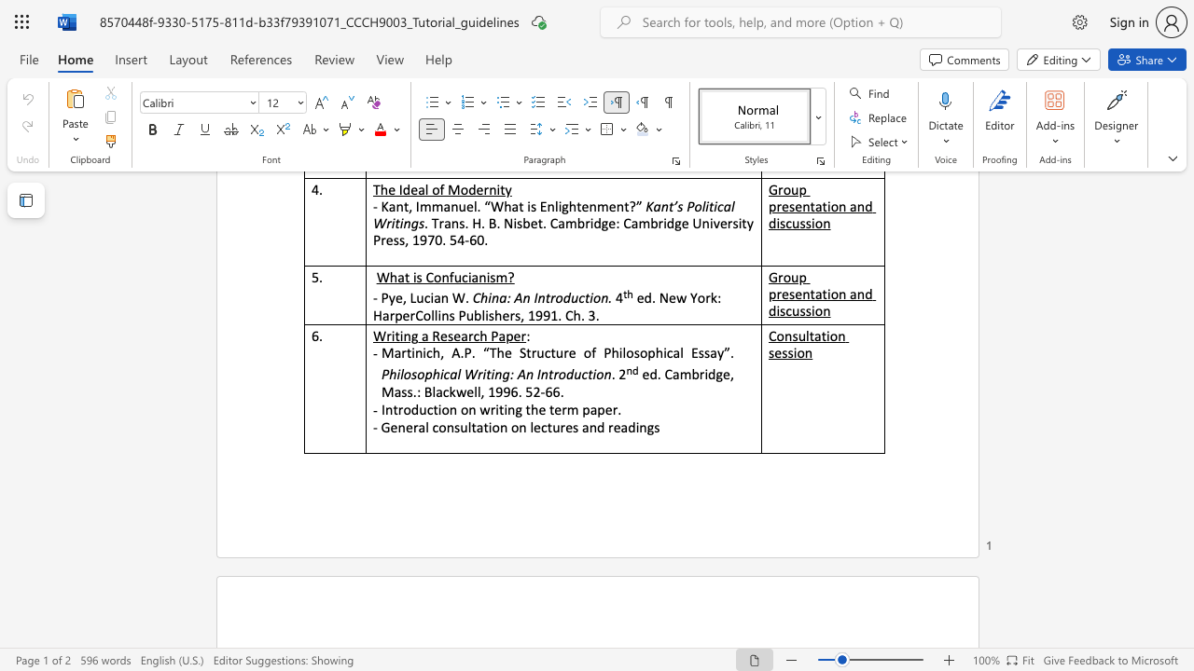  I want to click on the subset text "l consultatio" within the text "- General consultation on lectures and readings", so click(424, 427).